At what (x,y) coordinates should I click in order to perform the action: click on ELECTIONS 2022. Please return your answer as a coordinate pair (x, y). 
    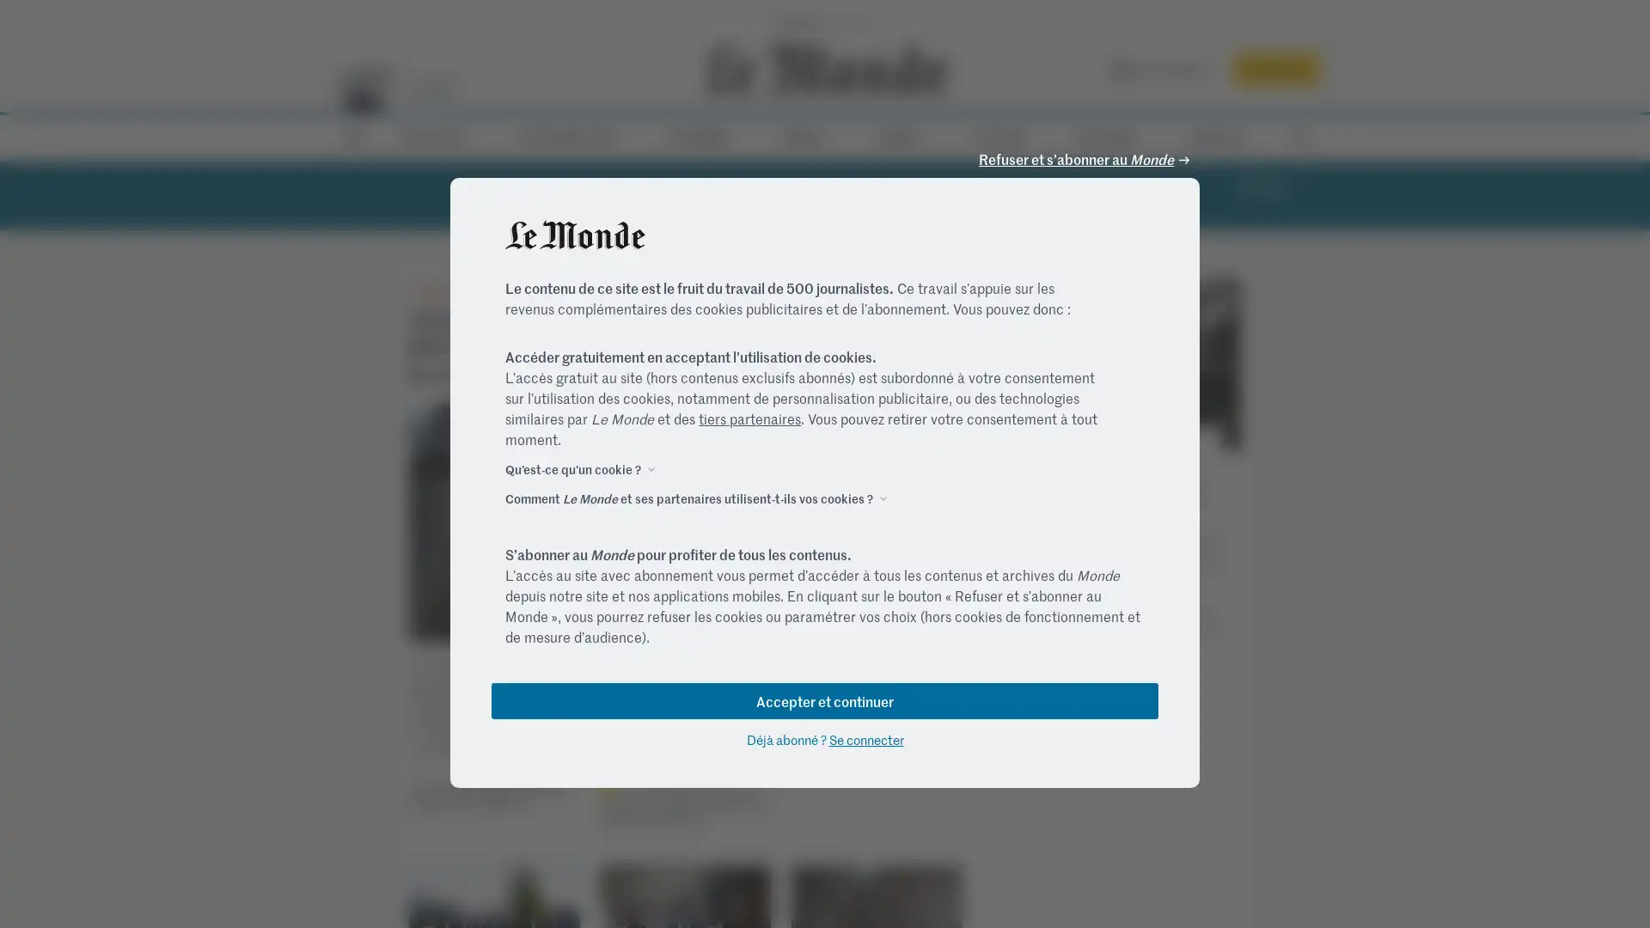
    Looking at the image, I should click on (575, 136).